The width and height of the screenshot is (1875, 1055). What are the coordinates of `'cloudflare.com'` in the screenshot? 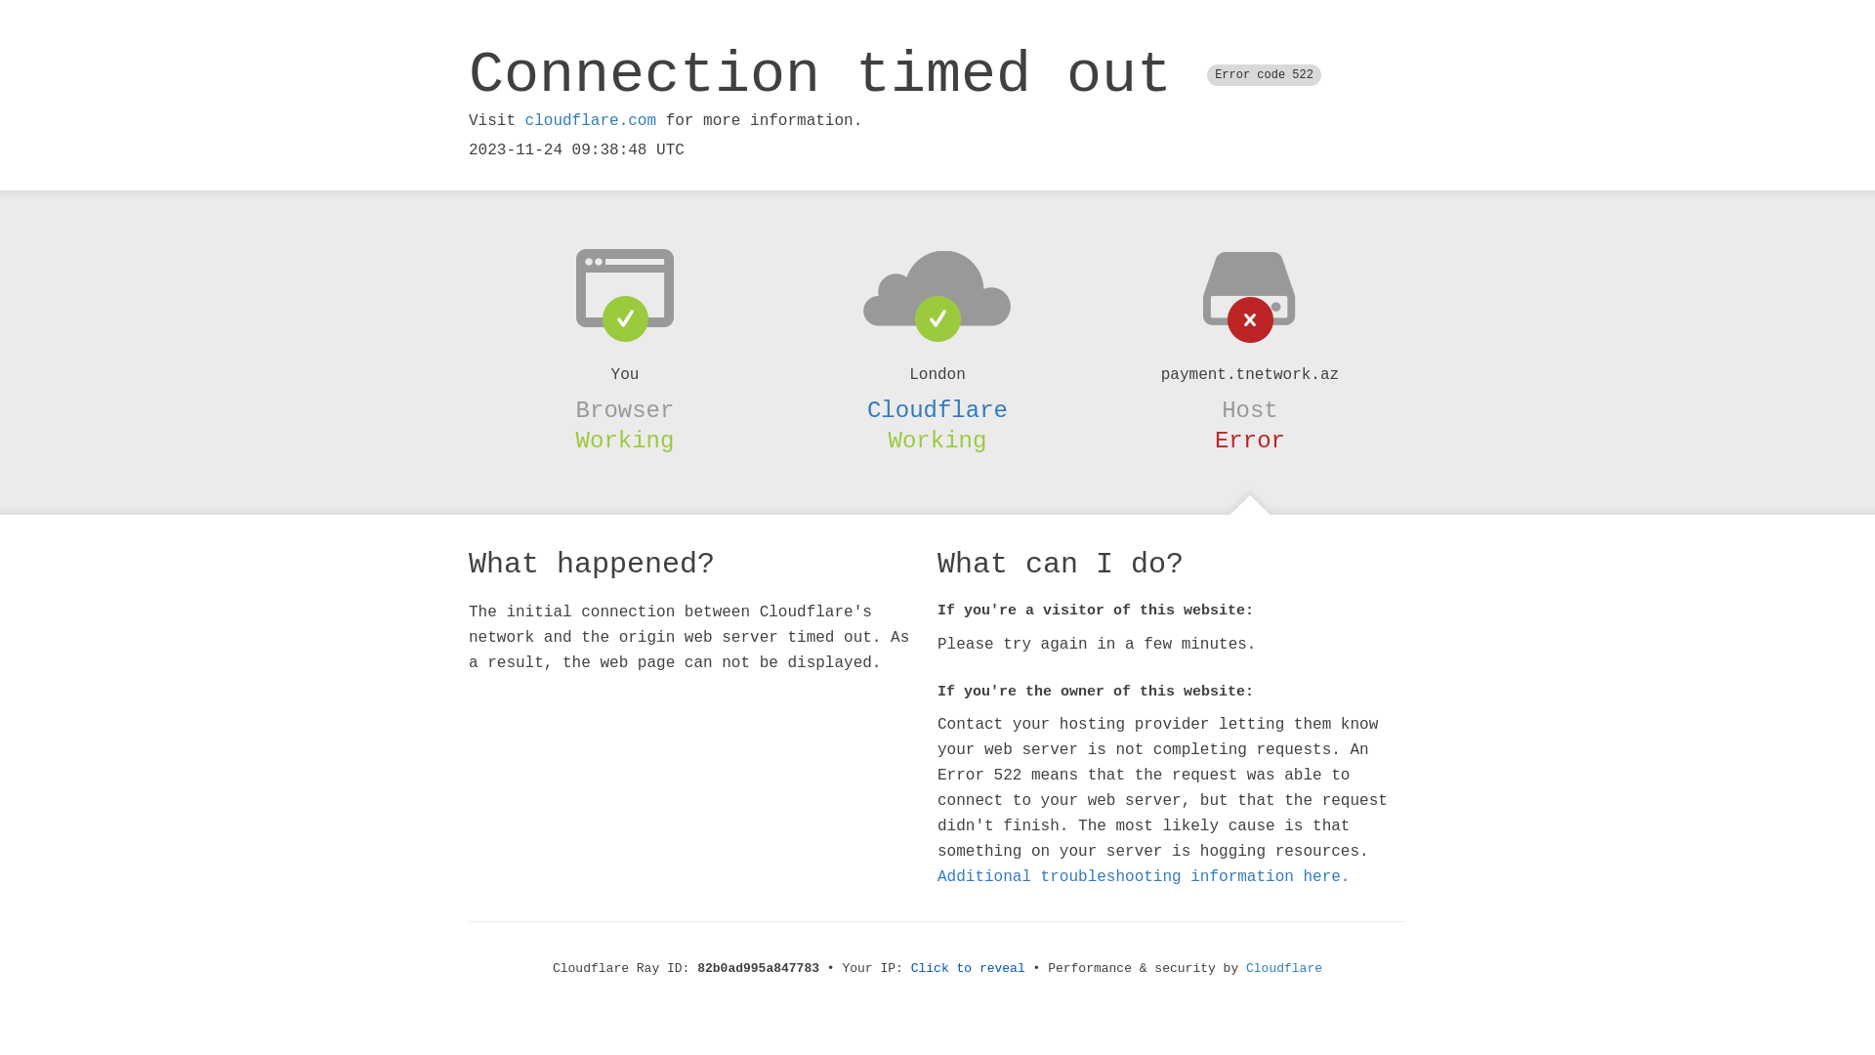 It's located at (589, 120).